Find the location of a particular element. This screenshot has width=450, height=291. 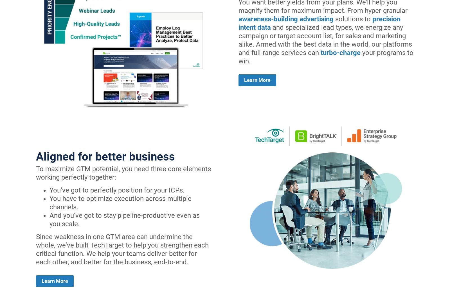

'You have to optimize execution across multiple channels.' is located at coordinates (120, 202).